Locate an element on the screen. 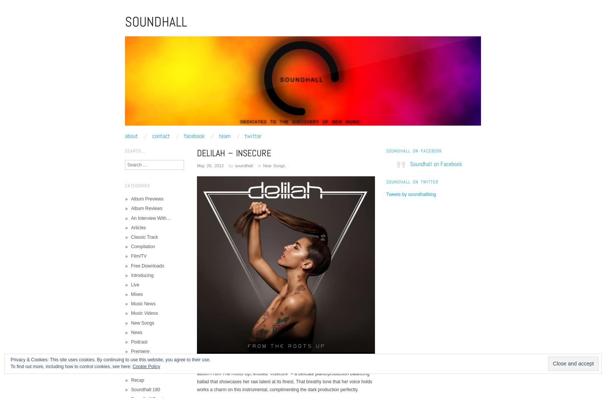  '” – a delicate piano/production balancing ballad that showcases her raw talent at its finest. That breathy tone that her voice holds works a charm on this instrumental, complimenting the dark production perfectly.' is located at coordinates (284, 381).